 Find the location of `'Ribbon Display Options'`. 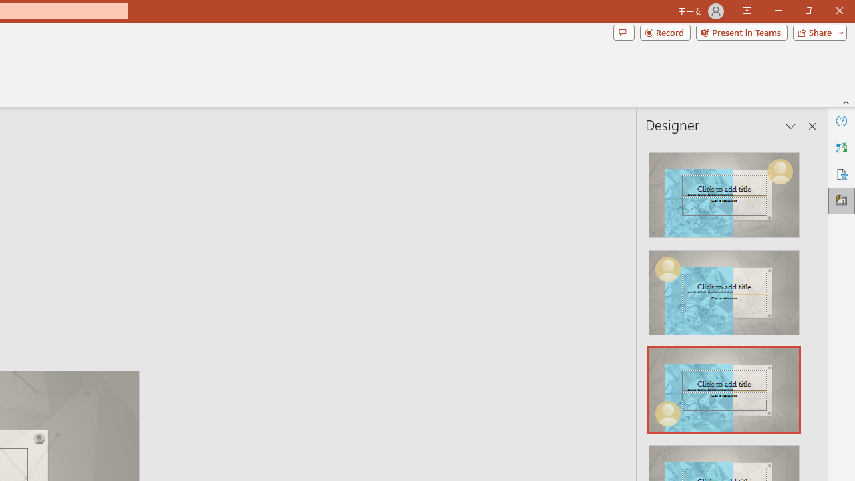

'Ribbon Display Options' is located at coordinates (746, 11).